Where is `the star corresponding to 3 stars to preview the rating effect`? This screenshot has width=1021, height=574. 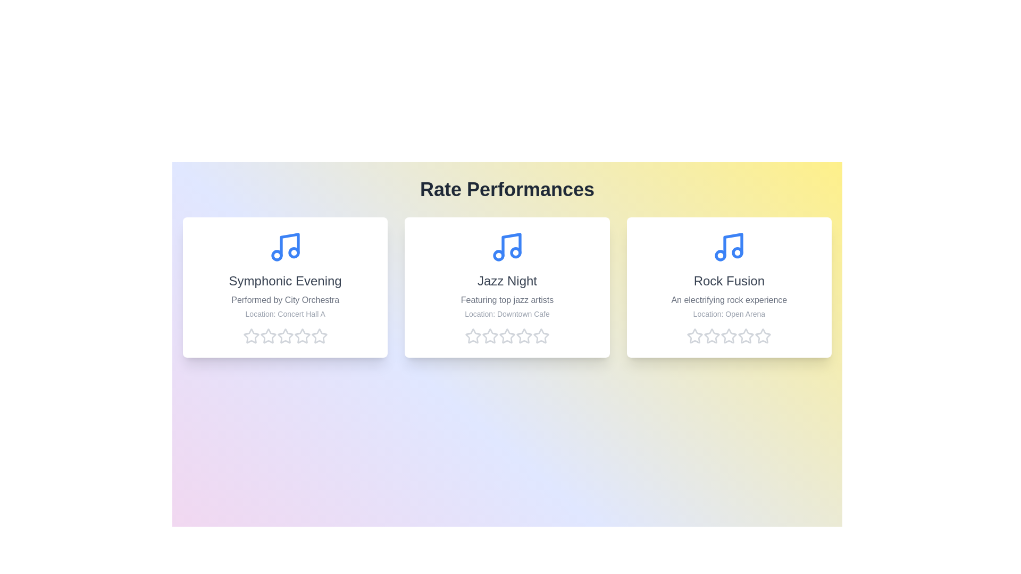
the star corresponding to 3 stars to preview the rating effect is located at coordinates (285, 336).